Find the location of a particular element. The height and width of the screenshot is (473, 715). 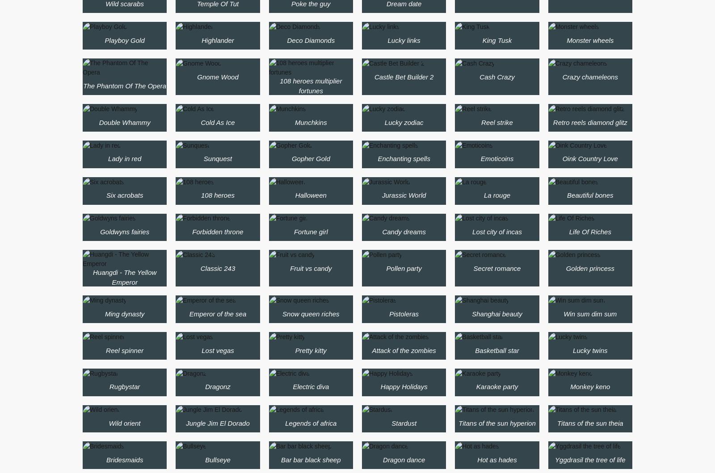

'5 reel drive' is located at coordinates (108, 50).